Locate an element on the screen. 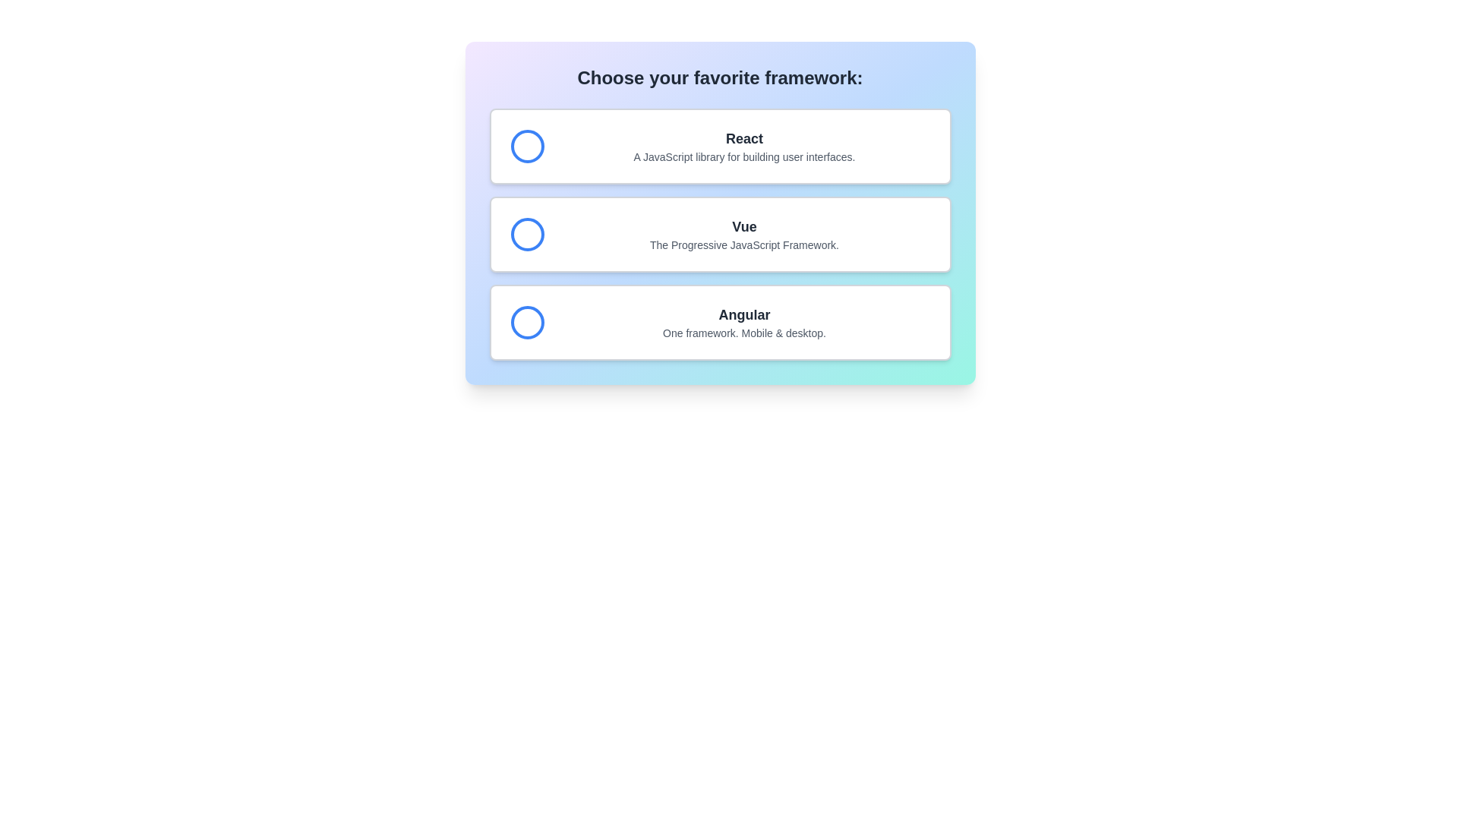 This screenshot has height=820, width=1458. the Static Text element labeled 'Vue', which serves as a title header for the corresponding selectable card in the list of options is located at coordinates (744, 227).